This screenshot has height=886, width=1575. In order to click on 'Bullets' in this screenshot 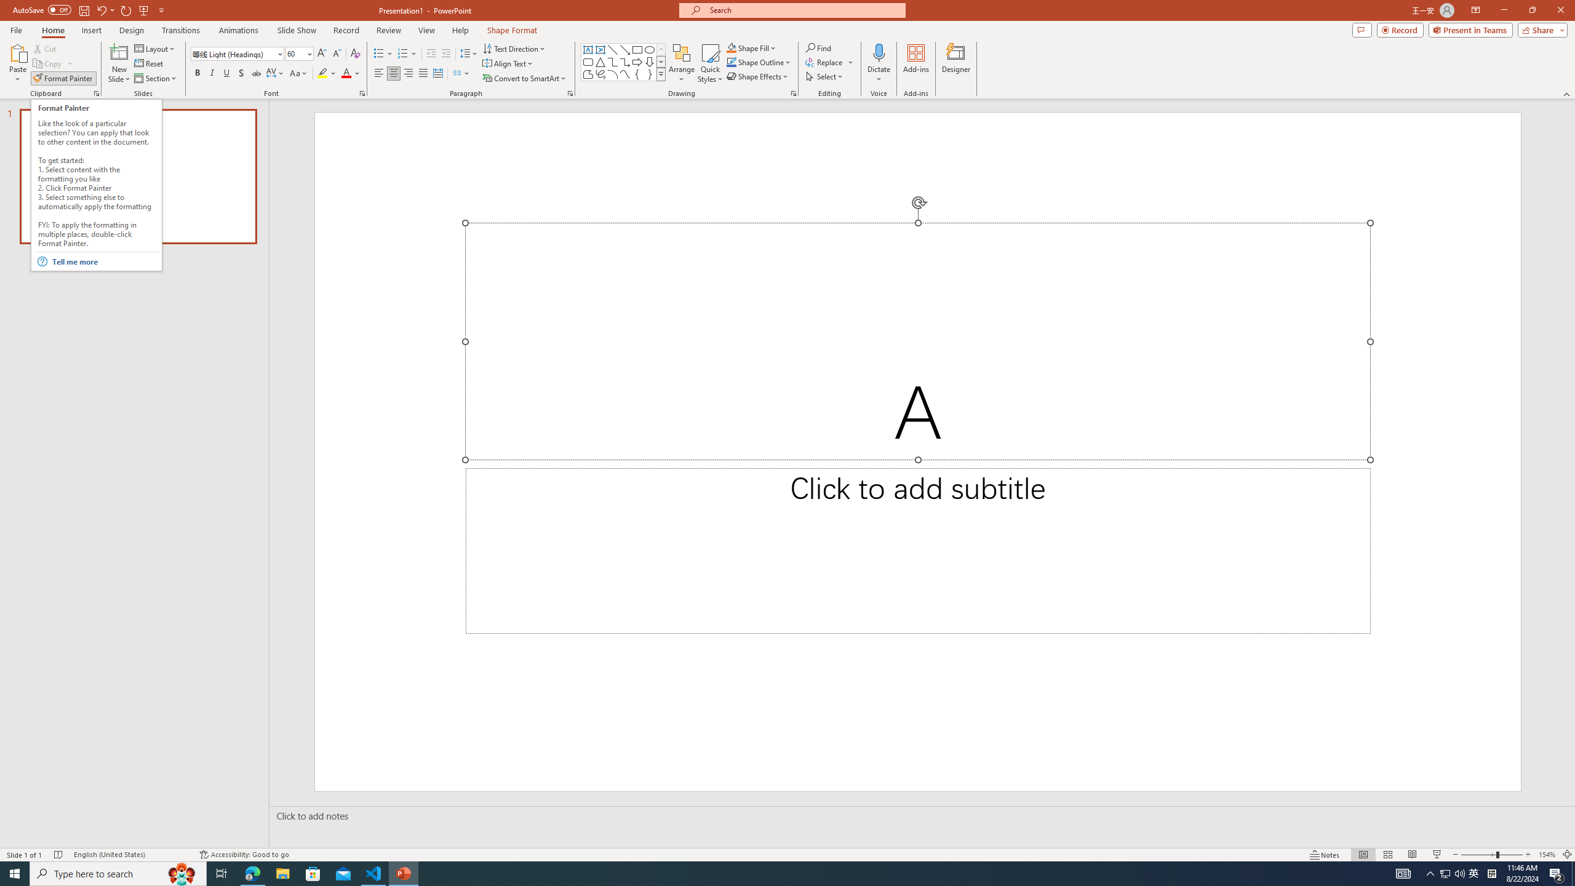, I will do `click(383, 54)`.